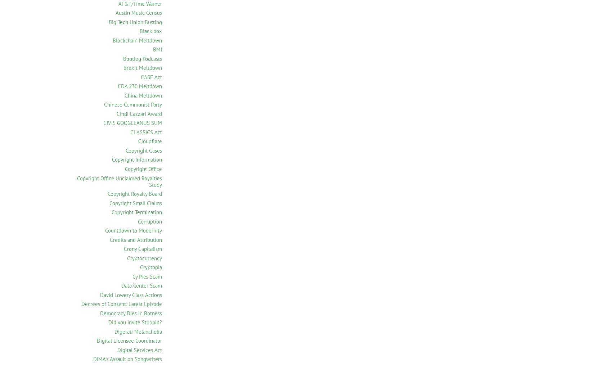  I want to click on 'David Lowery Class Actions', so click(130, 294).